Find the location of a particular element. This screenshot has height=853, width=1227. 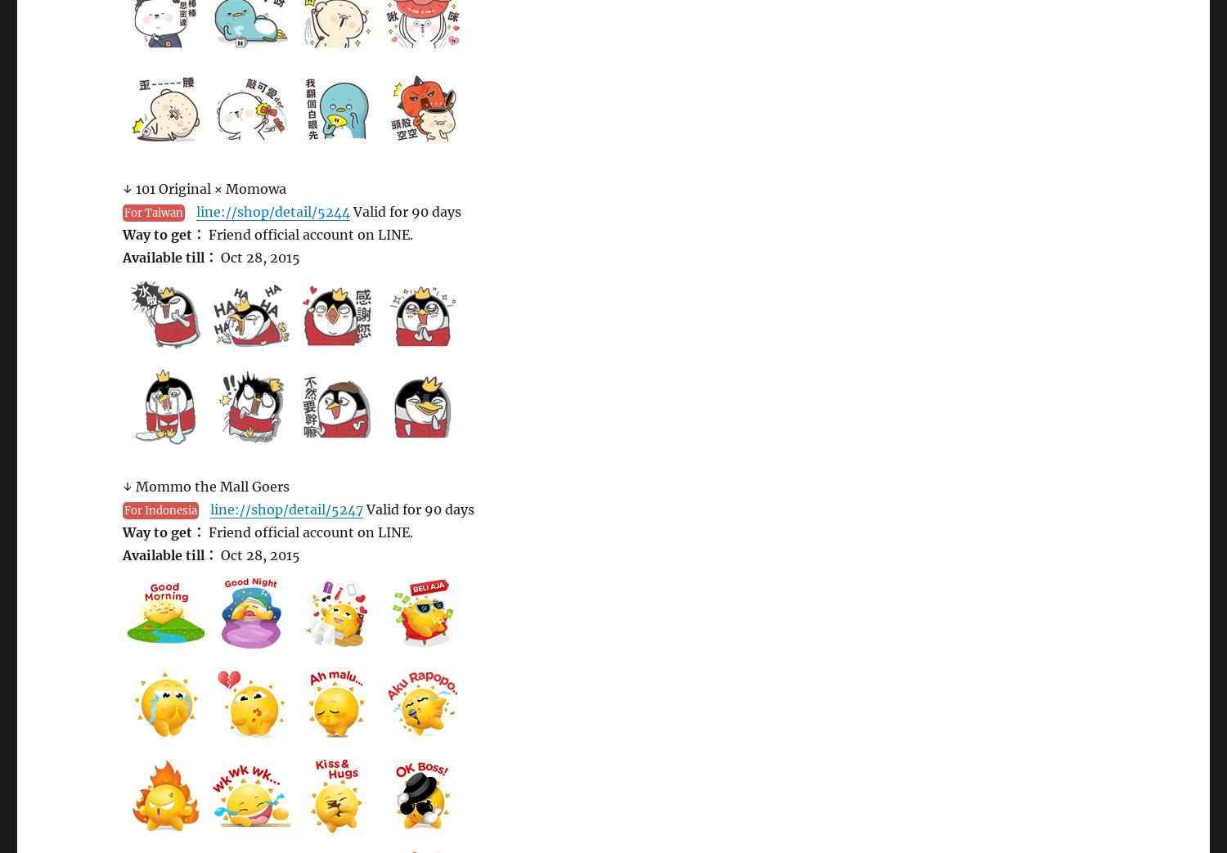

'↓ Mommo the Mall Goers' is located at coordinates (206, 487).